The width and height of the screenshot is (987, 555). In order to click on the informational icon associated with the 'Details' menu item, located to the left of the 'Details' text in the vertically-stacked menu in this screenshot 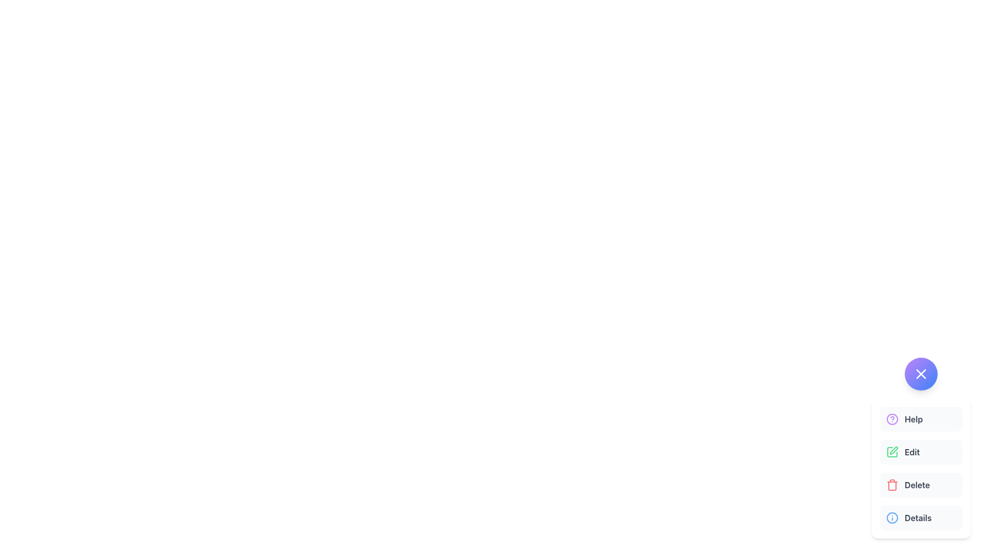, I will do `click(892, 517)`.